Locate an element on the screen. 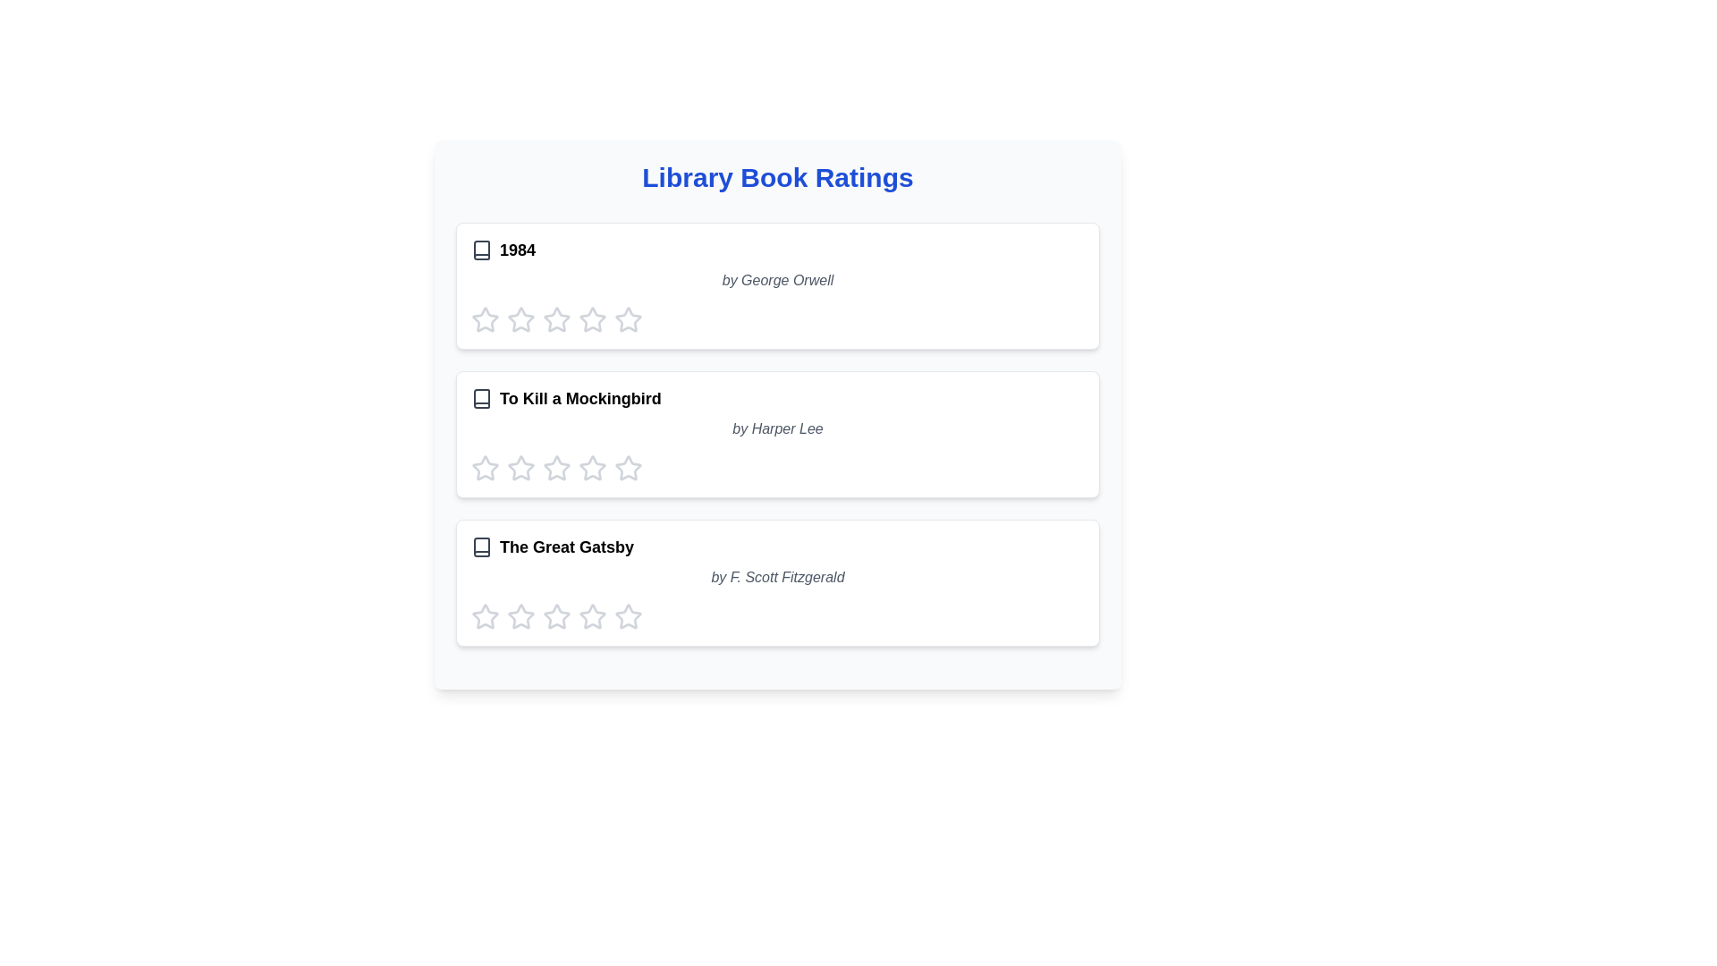  the third star is located at coordinates (592, 467).